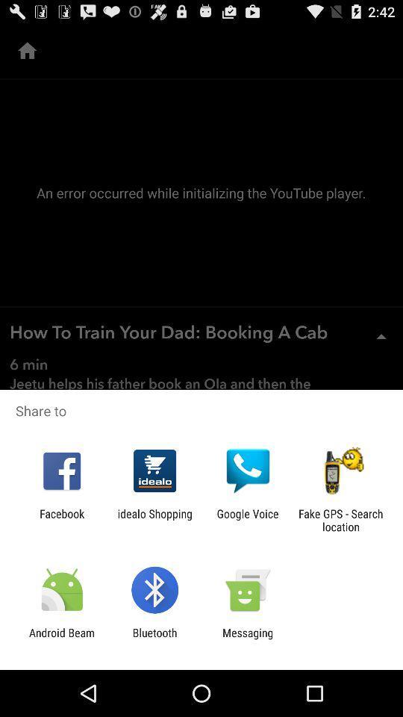  I want to click on item next to facebook app, so click(154, 520).